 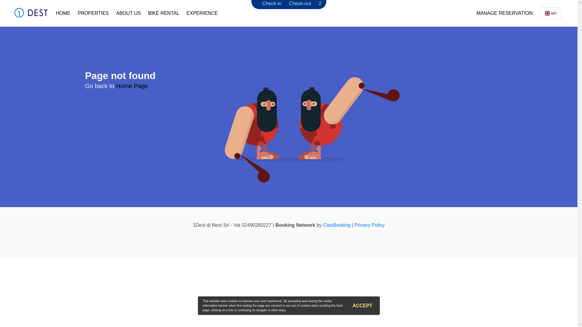 I want to click on 'CiaoBooking', so click(x=336, y=225).